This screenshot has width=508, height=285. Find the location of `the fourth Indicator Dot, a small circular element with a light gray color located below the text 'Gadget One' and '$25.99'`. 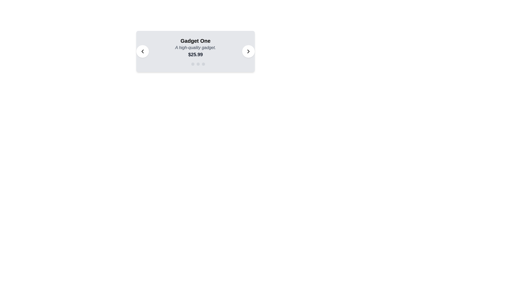

the fourth Indicator Dot, a small circular element with a light gray color located below the text 'Gadget One' and '$25.99' is located at coordinates (203, 64).